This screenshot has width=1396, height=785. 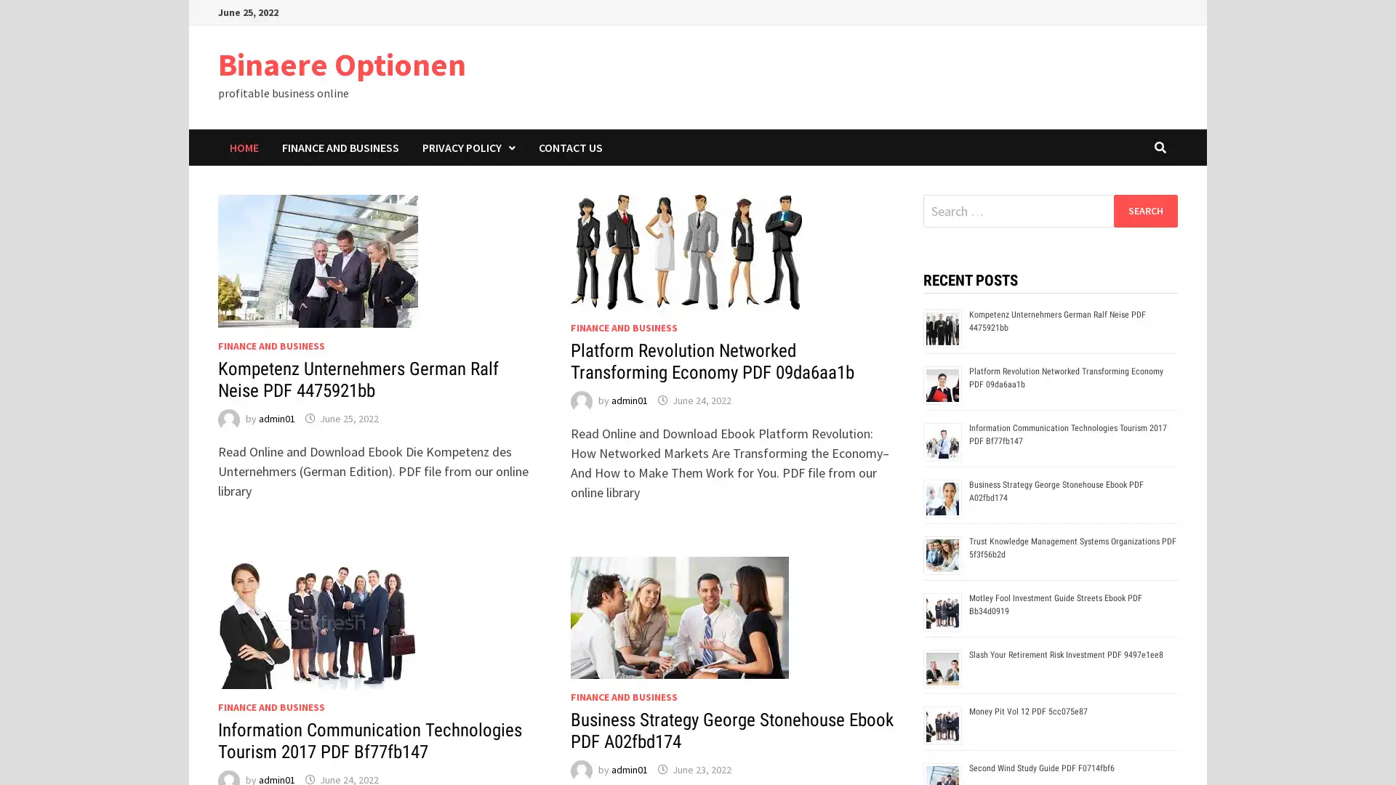 I want to click on Search, so click(x=1144, y=210).